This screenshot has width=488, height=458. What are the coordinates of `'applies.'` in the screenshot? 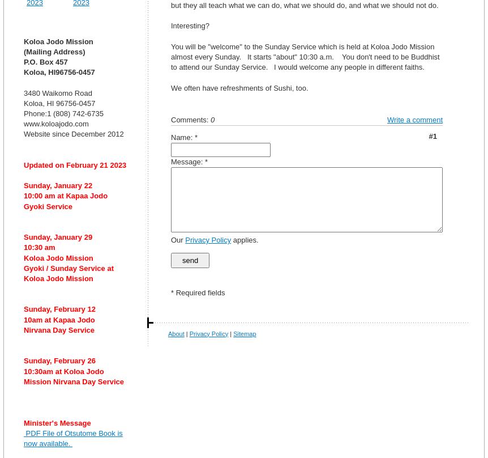 It's located at (245, 240).